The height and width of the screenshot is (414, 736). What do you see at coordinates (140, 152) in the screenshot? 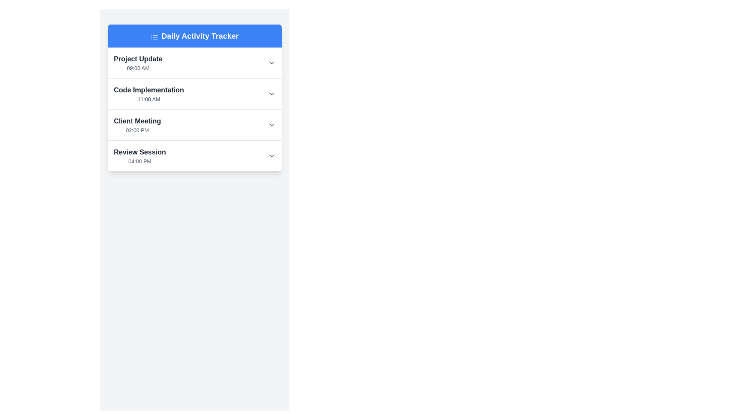
I see `the static text label reading 'Review Session', which is prominently displayed in bold dark gray font in the lower section of the 'Daily Activity Tracker' list, positioned above the time entry labeled '04:00 PM'` at bounding box center [140, 152].